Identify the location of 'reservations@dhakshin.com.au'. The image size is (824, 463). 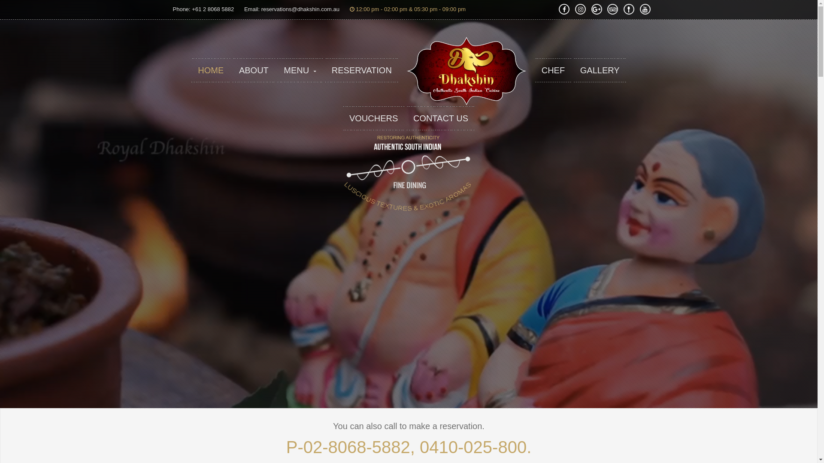
(300, 9).